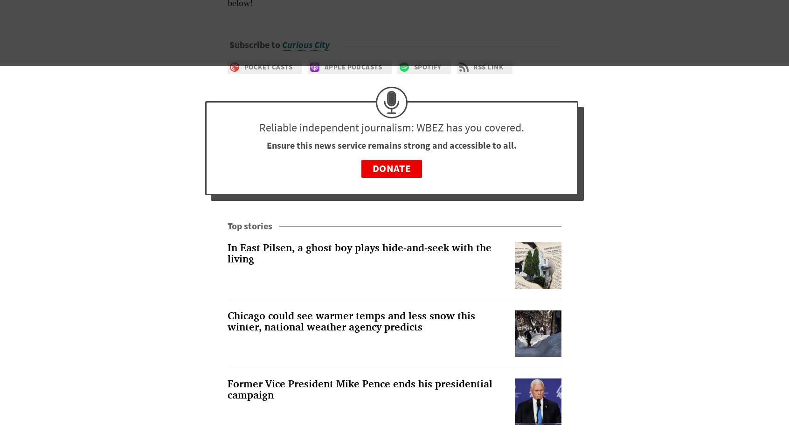  What do you see at coordinates (267, 66) in the screenshot?
I see `'Pocket Casts'` at bounding box center [267, 66].